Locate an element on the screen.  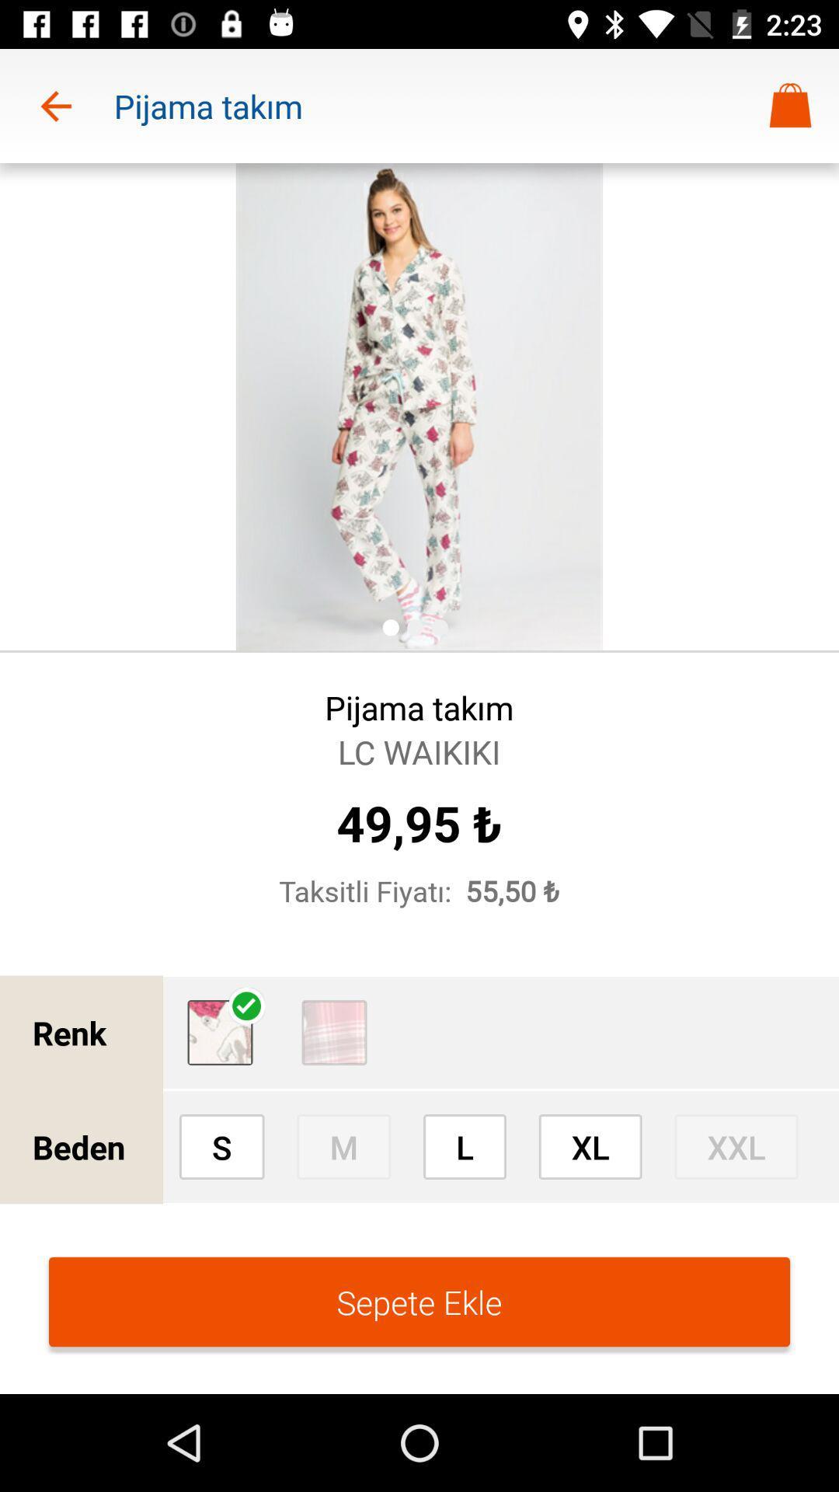
icon to the right of xl is located at coordinates (736, 1146).